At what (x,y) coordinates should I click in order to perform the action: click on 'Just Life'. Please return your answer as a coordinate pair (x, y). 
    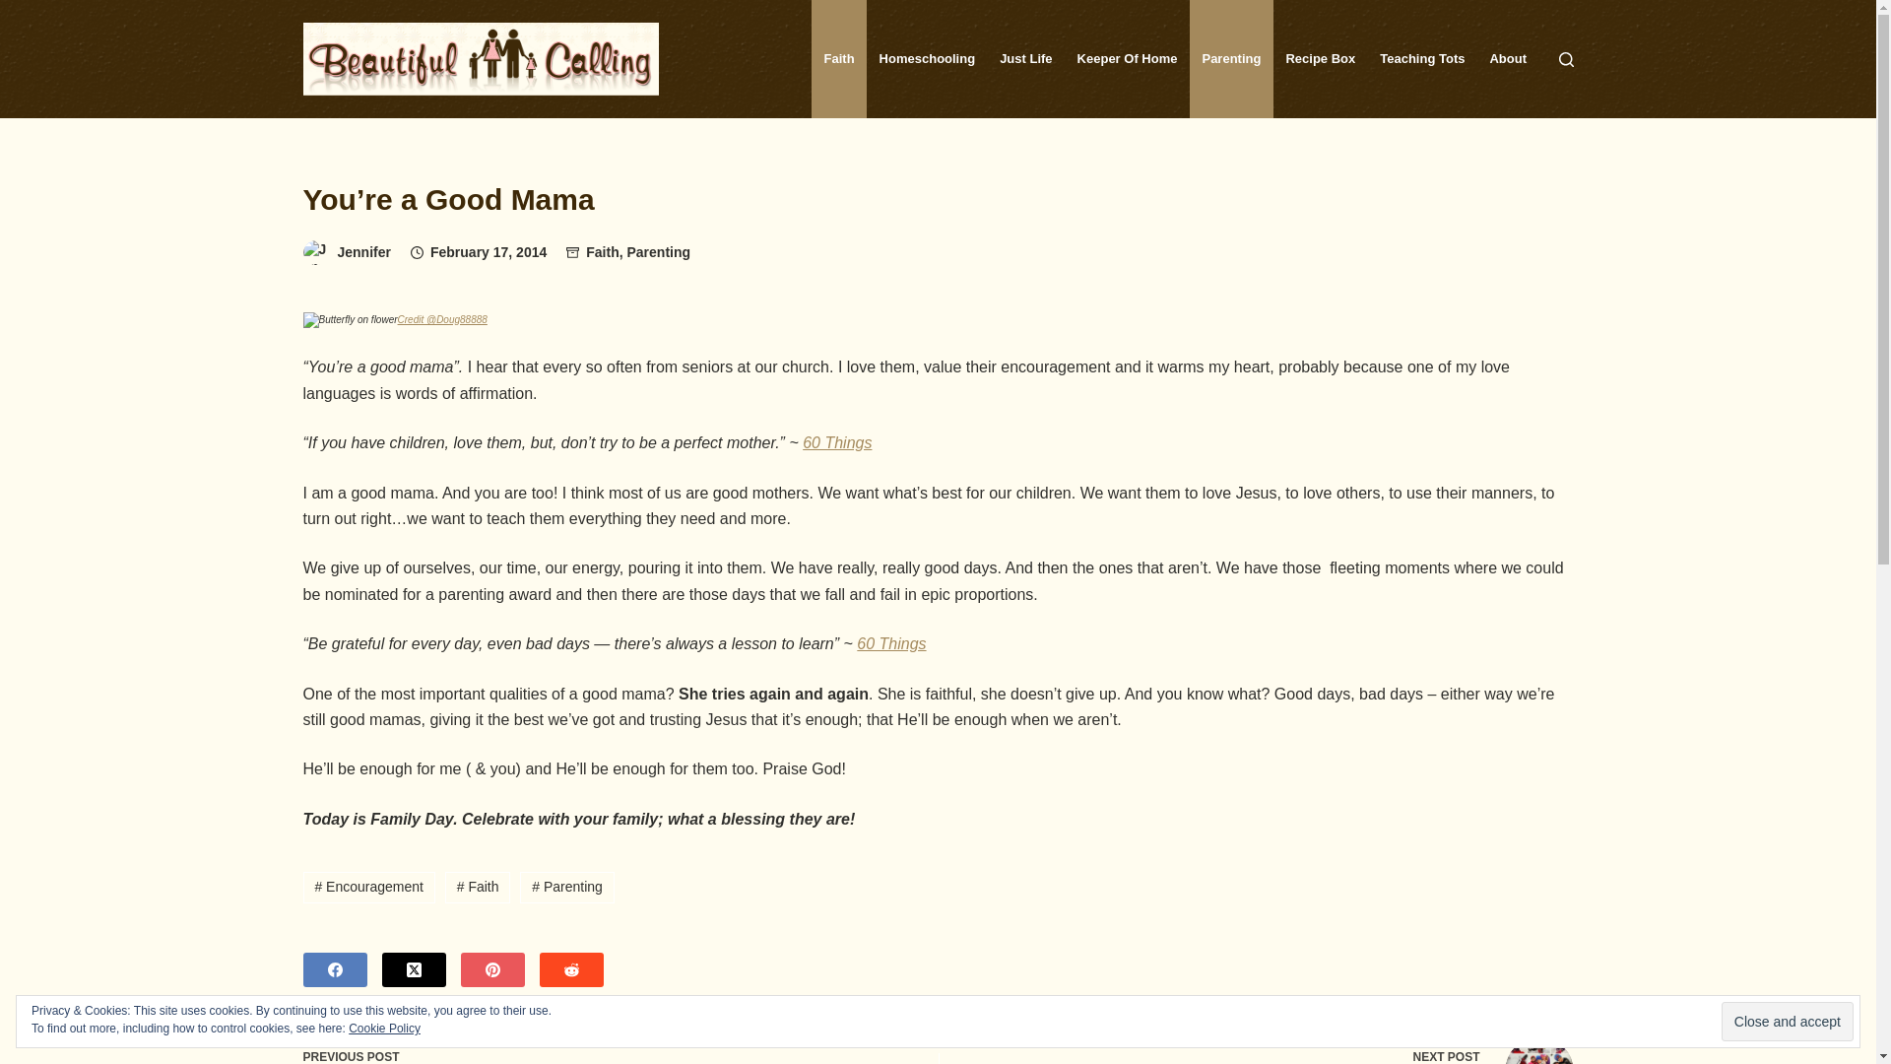
    Looking at the image, I should click on (988, 58).